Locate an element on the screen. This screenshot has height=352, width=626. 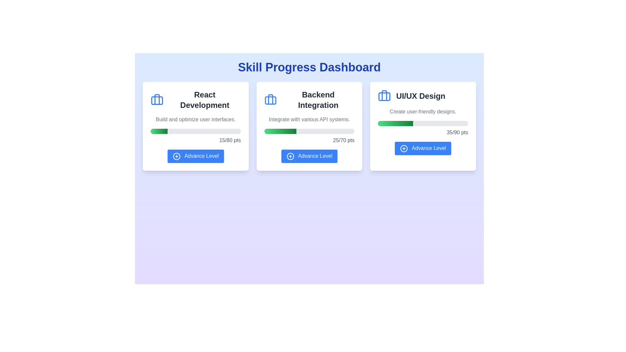
the circular blue icon with a white outline and a plus symbol inside, located on the left side of the 'Advance Level' button in the third card from the left in the 'UI/UX Design' section is located at coordinates (404, 148).